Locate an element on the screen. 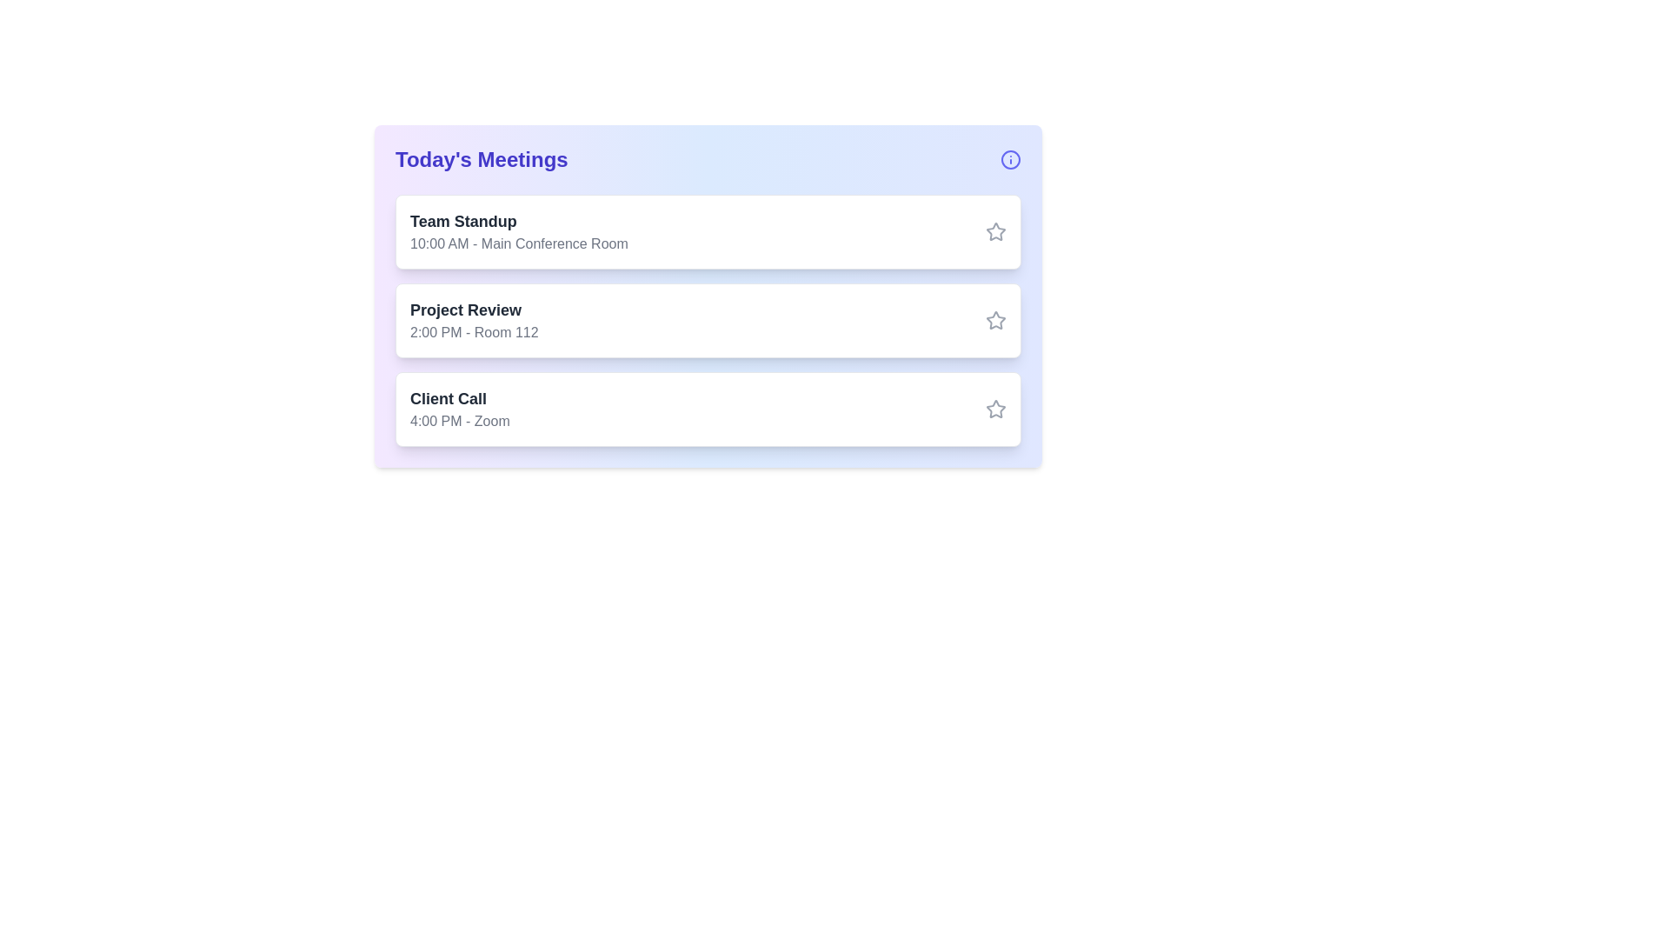 Image resolution: width=1669 pixels, height=939 pixels. the 'Project Review' heading, which is styled in bold and slightly larger font size, located within the second meeting entry in the schedule is located at coordinates (474, 310).